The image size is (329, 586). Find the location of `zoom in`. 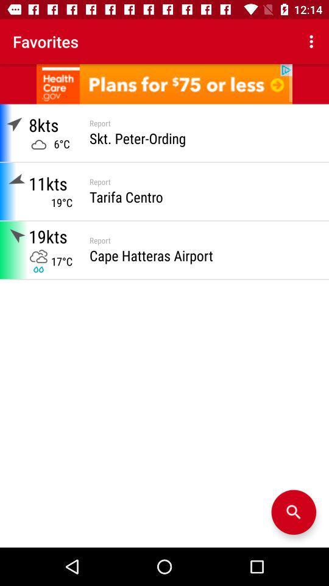

zoom in is located at coordinates (293, 512).